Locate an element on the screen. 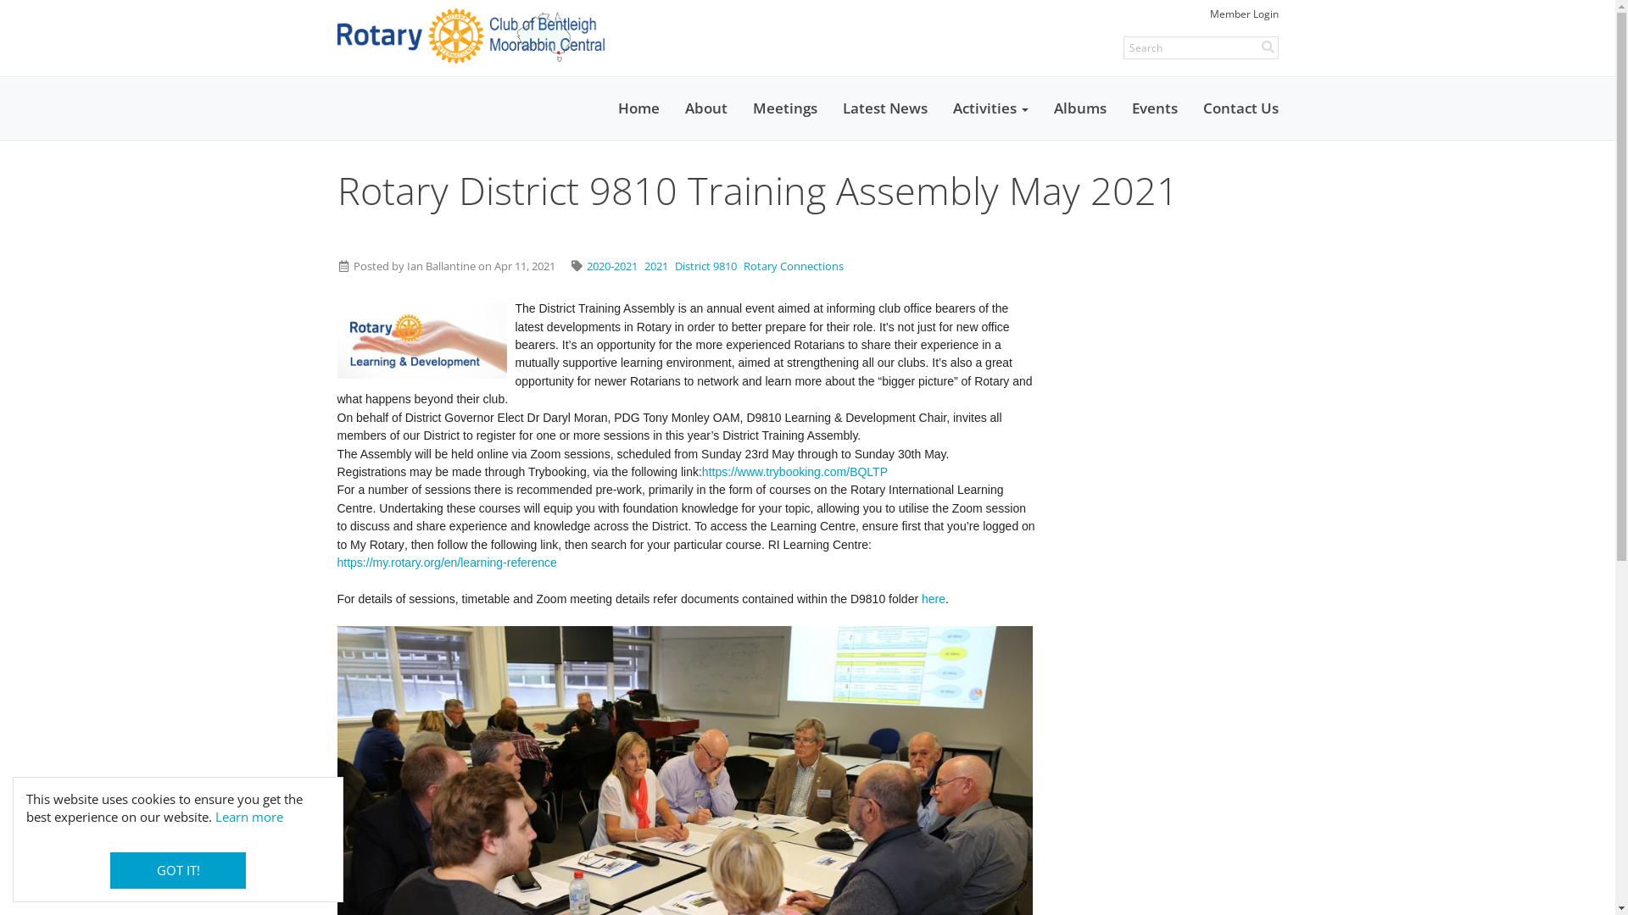 This screenshot has width=1628, height=915. 'here' is located at coordinates (932, 597).